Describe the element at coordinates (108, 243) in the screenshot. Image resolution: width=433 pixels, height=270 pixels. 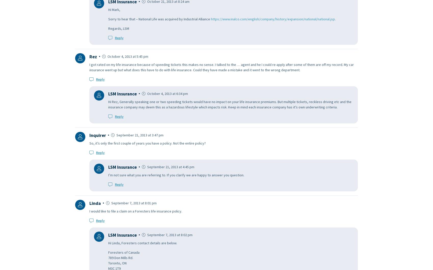
I see `'Hi Linda, Foresters contact details are below.'` at that location.